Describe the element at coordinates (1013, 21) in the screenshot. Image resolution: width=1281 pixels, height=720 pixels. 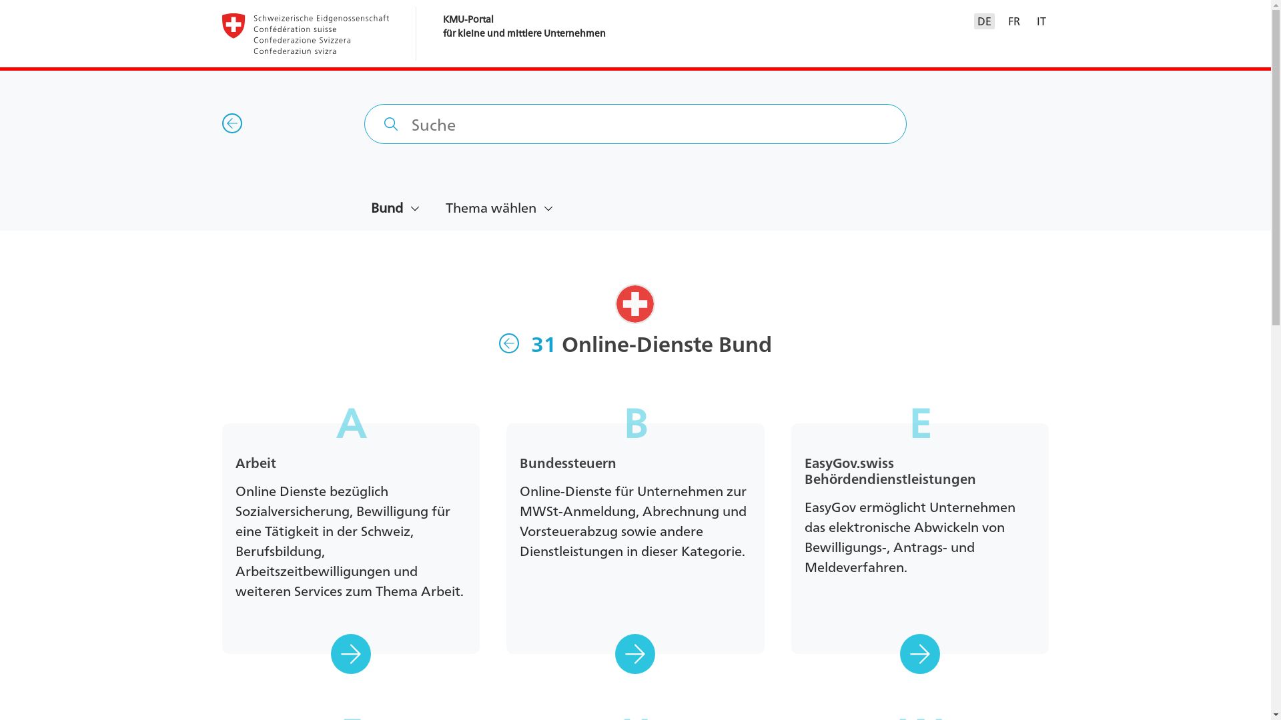
I see `'FR'` at that location.